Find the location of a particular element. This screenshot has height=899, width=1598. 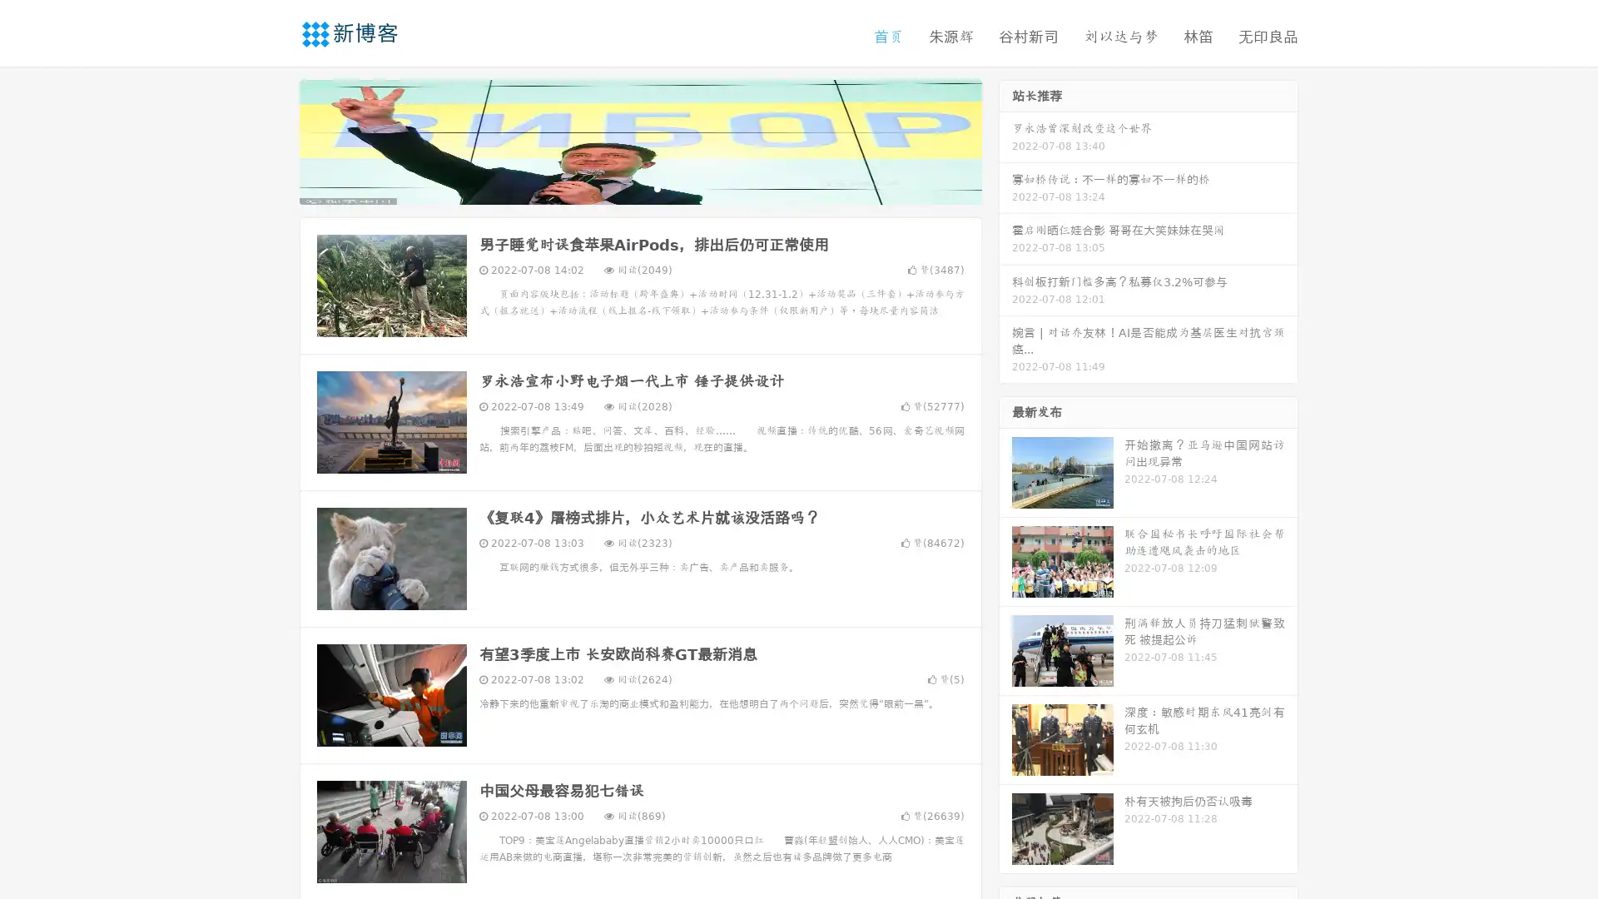

Go to slide 3 is located at coordinates (657, 187).